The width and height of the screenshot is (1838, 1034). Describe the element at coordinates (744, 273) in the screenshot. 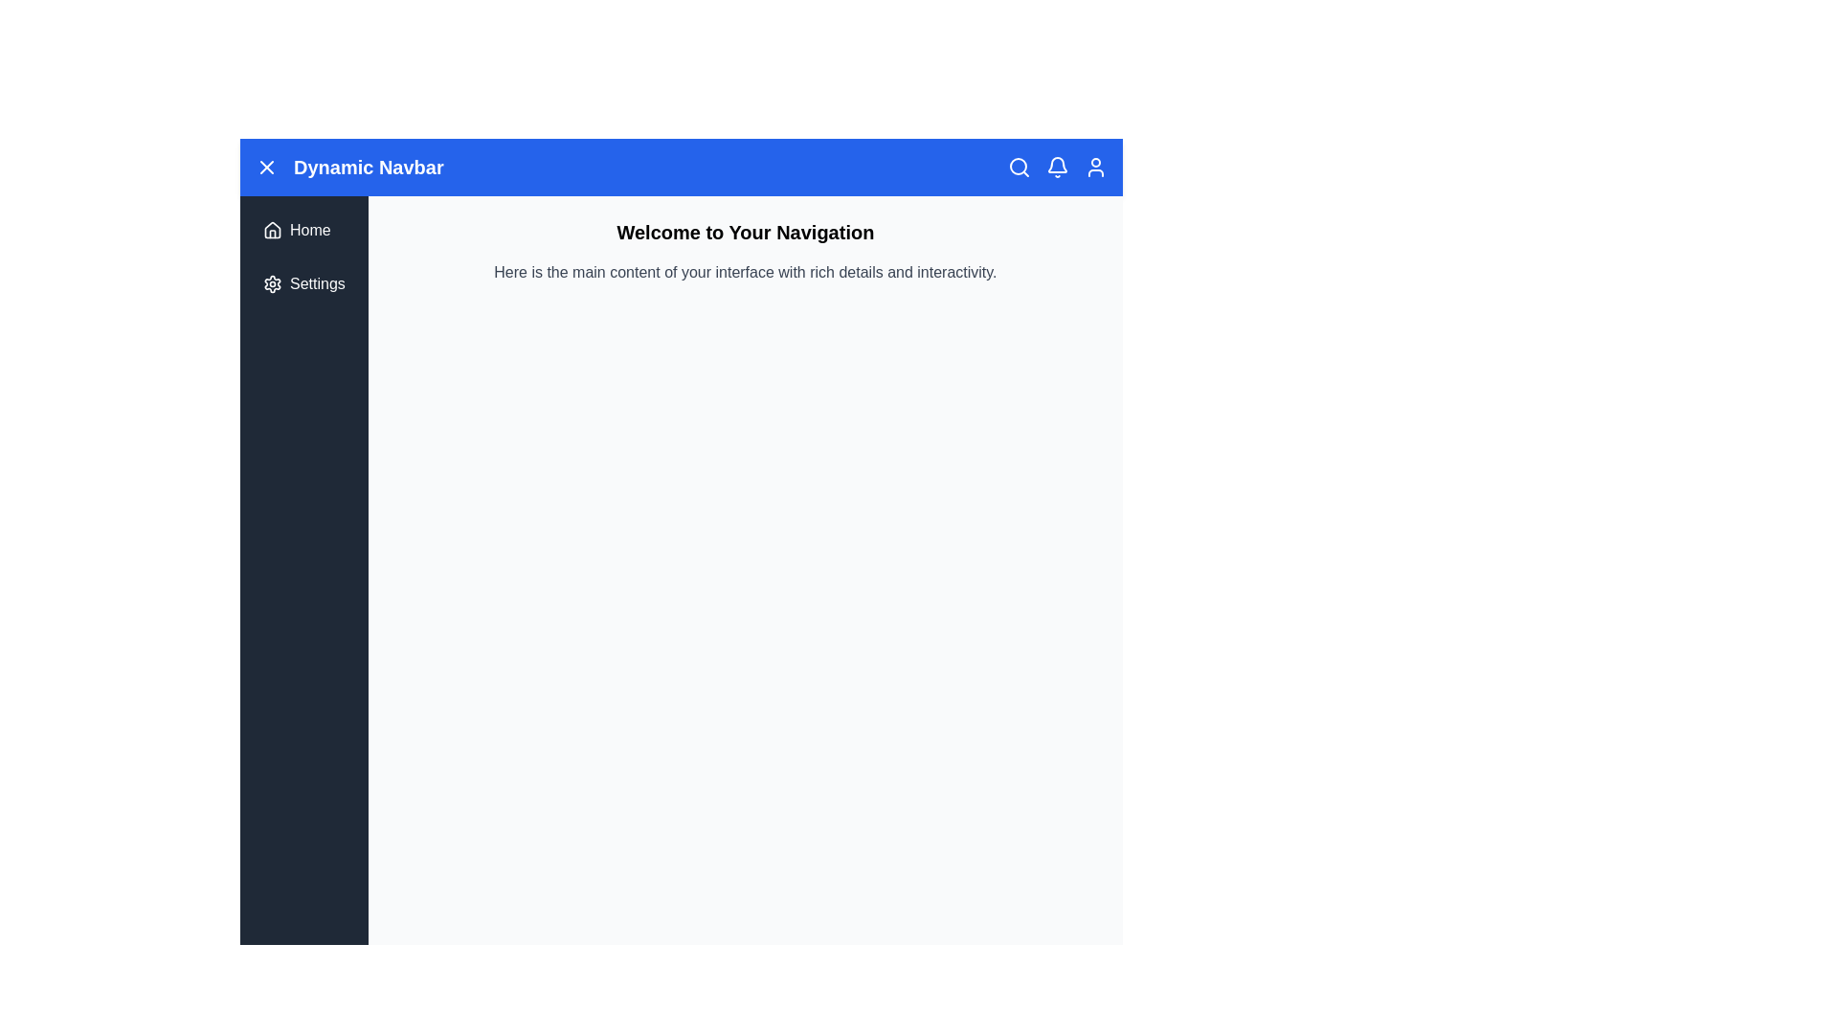

I see `the single-line light gray text positioned below the 'Welcome to Your Navigation' heading in the content area` at that location.